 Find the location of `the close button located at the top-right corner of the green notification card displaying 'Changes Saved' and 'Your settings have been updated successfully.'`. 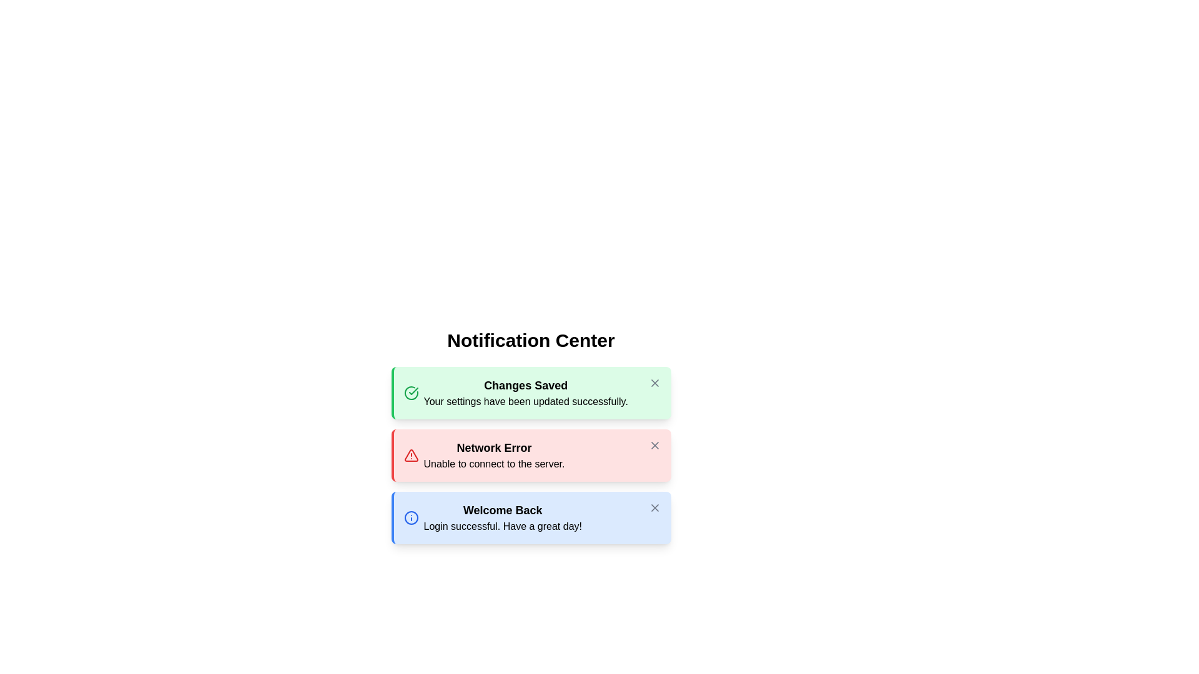

the close button located at the top-right corner of the green notification card displaying 'Changes Saved' and 'Your settings have been updated successfully.' is located at coordinates (654, 382).